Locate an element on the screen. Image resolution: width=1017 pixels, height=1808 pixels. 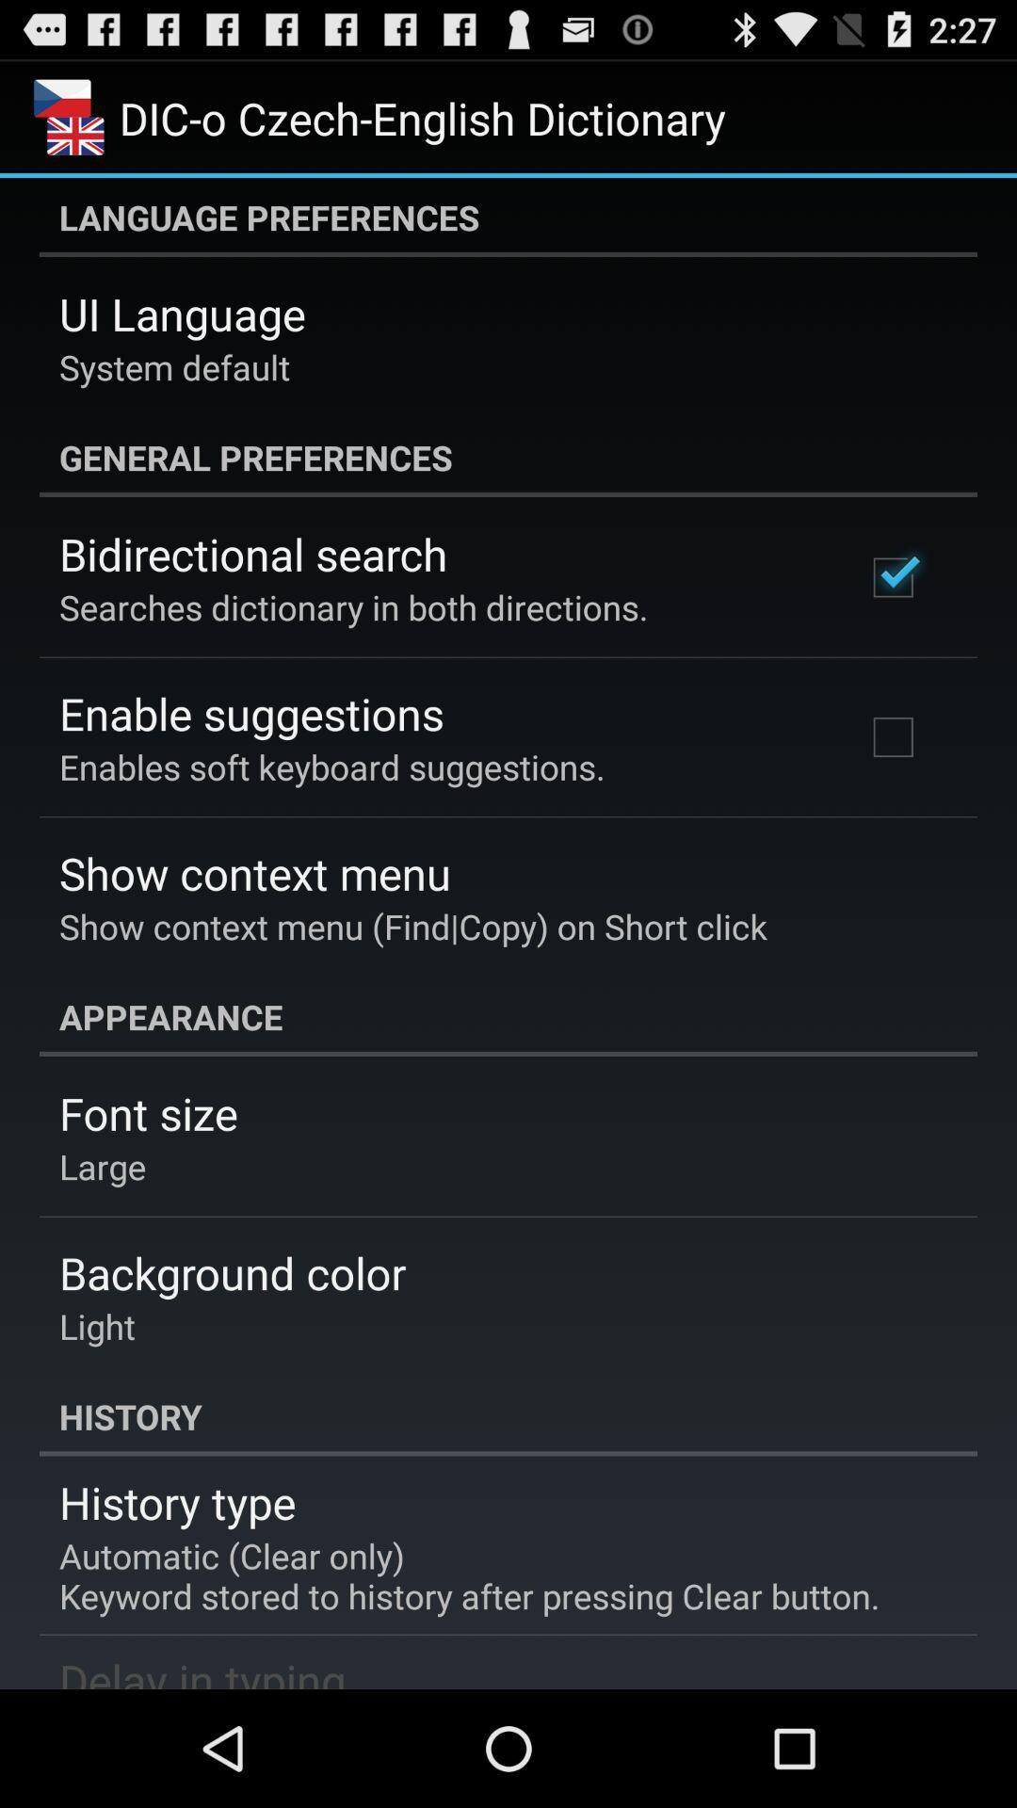
bidirectional search app is located at coordinates (252, 553).